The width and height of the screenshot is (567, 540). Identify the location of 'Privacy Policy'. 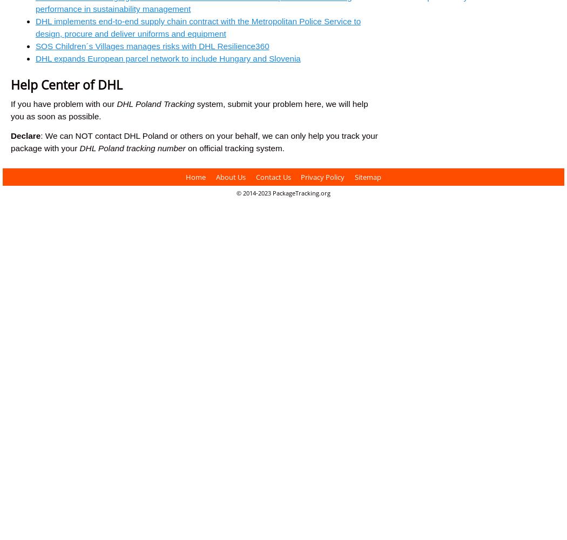
(301, 176).